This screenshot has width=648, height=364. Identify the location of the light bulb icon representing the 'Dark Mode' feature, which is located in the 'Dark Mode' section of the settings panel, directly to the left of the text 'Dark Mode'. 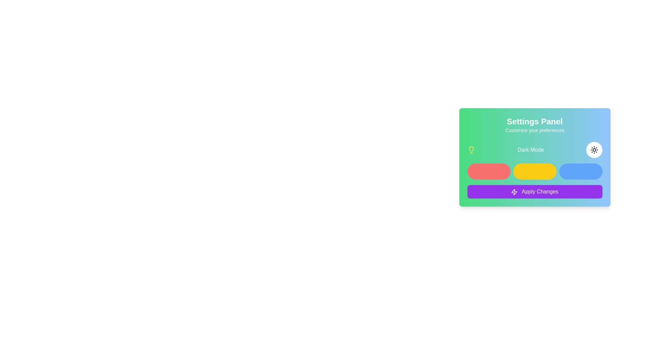
(471, 149).